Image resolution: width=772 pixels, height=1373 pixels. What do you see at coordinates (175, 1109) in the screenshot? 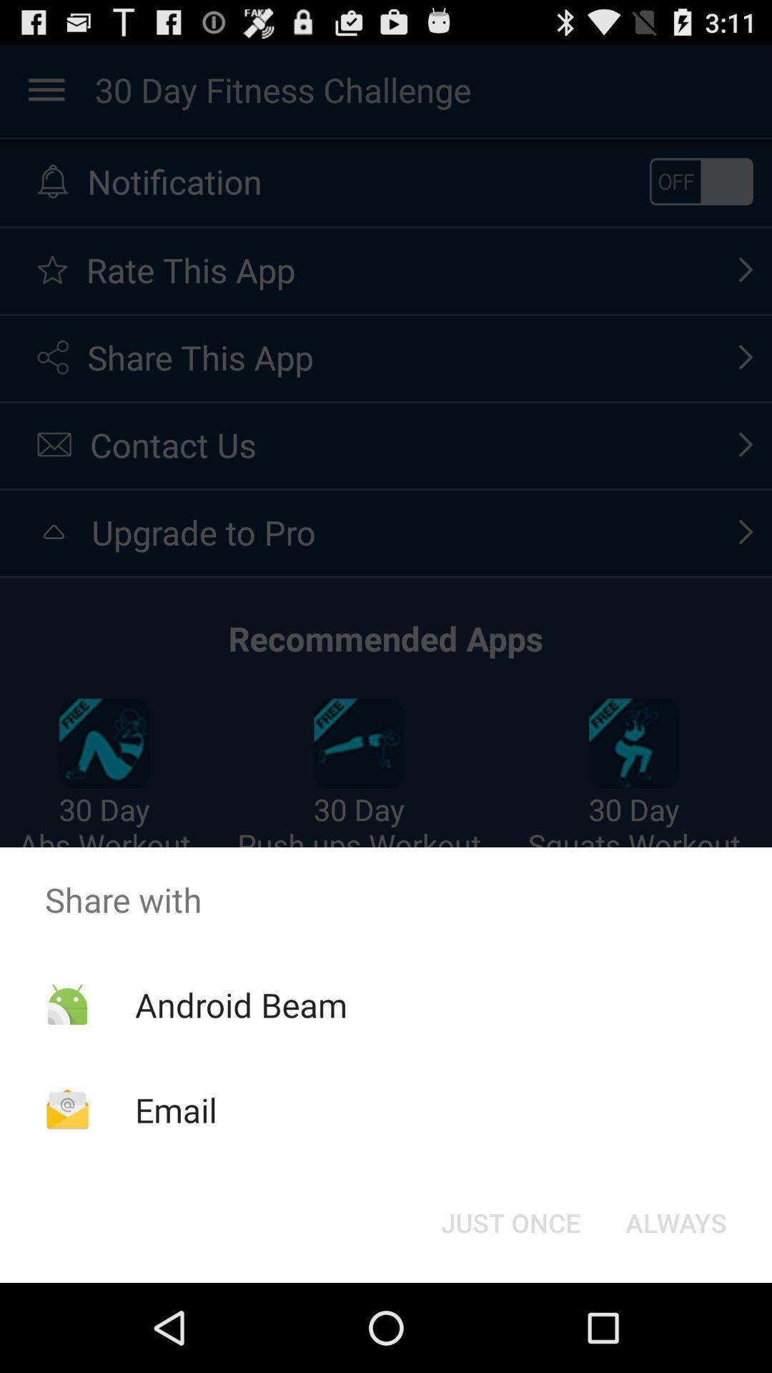
I see `app below android beam icon` at bounding box center [175, 1109].